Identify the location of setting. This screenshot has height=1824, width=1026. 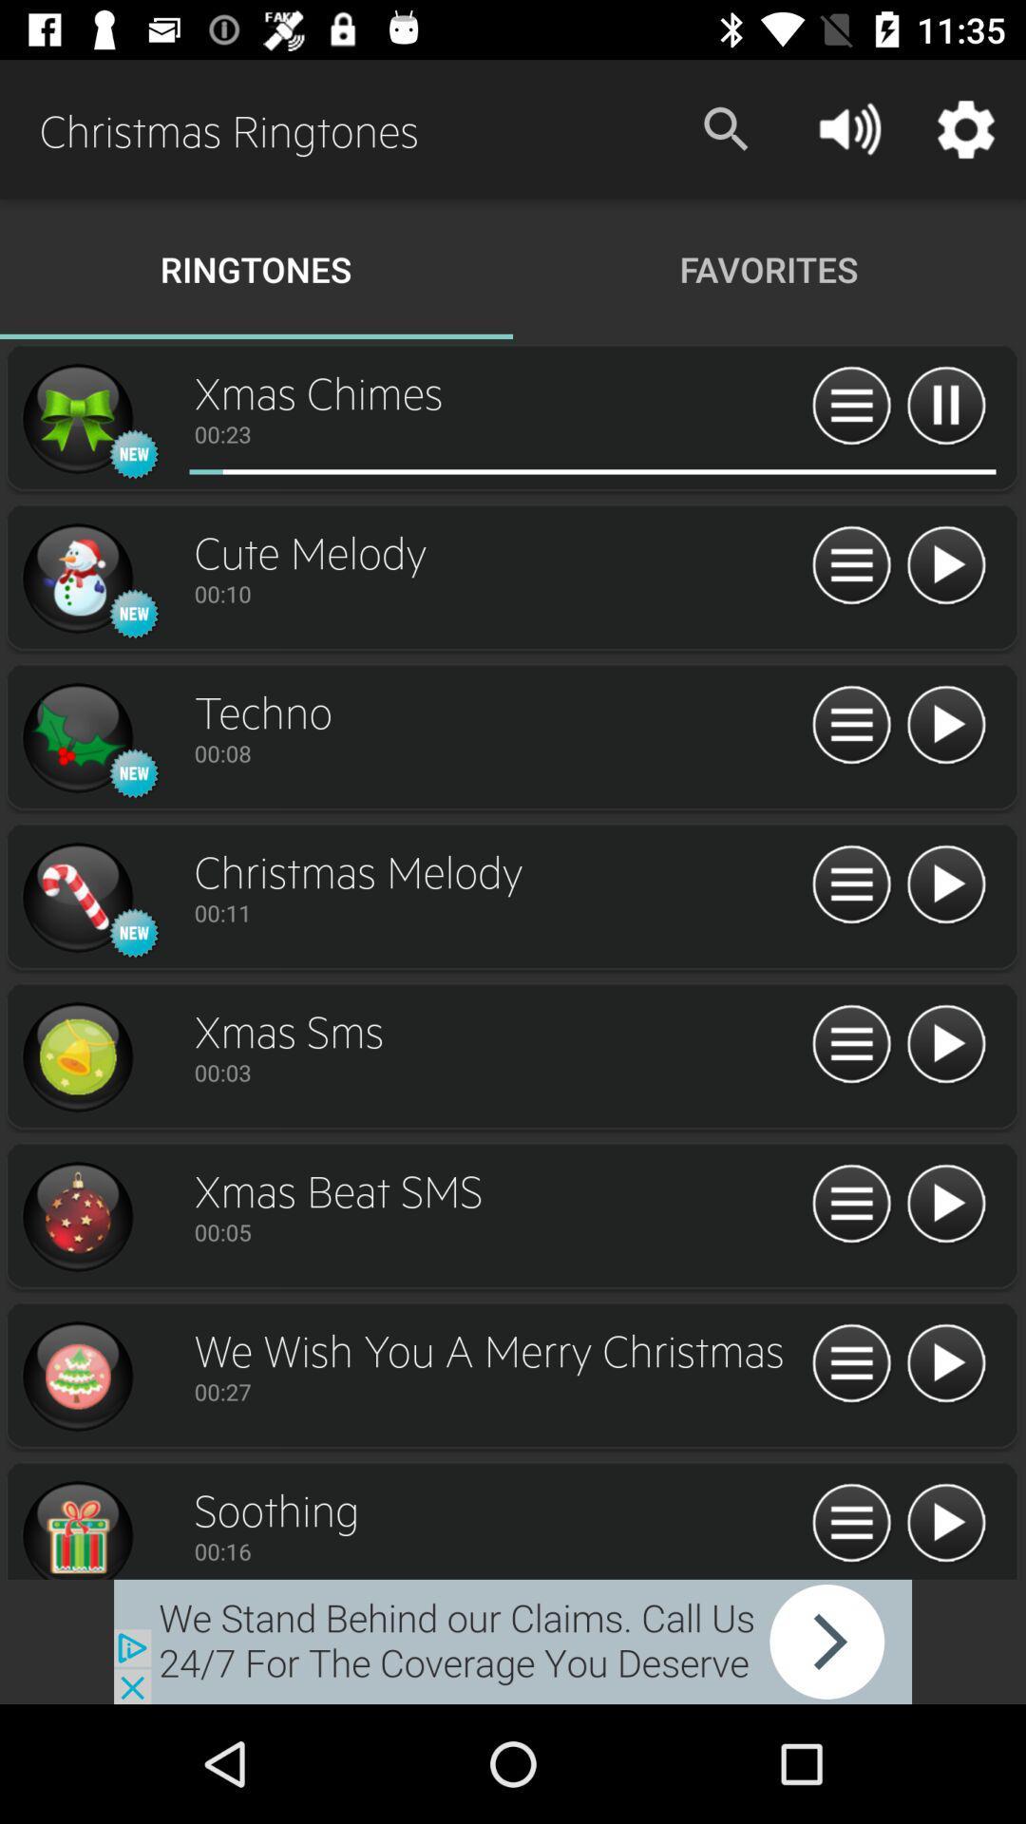
(850, 1044).